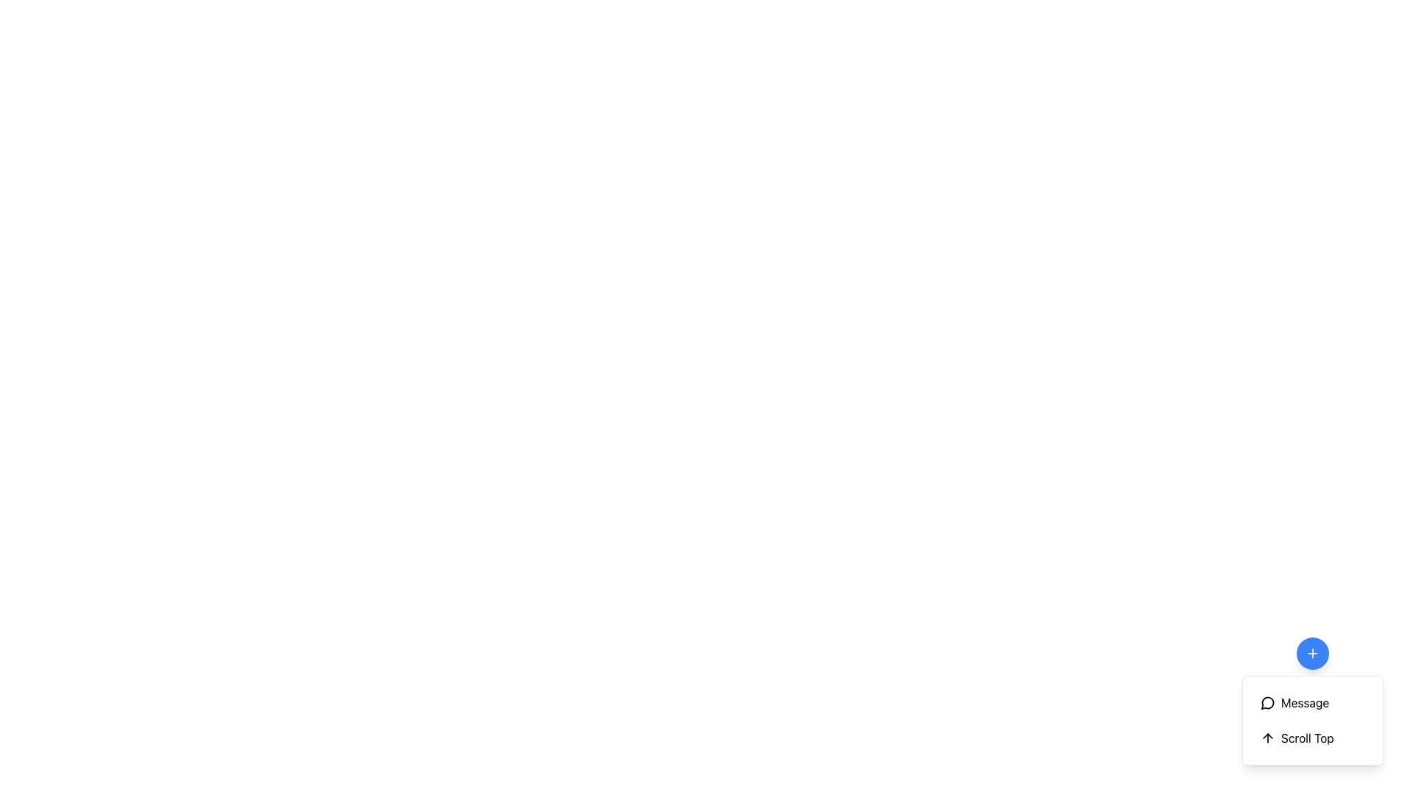  Describe the element at coordinates (1313, 700) in the screenshot. I see `the interactive menu option located in the bottom-right corner of the interface, positioned between the 'Message' option above and the 'Scroll Top' option below` at that location.